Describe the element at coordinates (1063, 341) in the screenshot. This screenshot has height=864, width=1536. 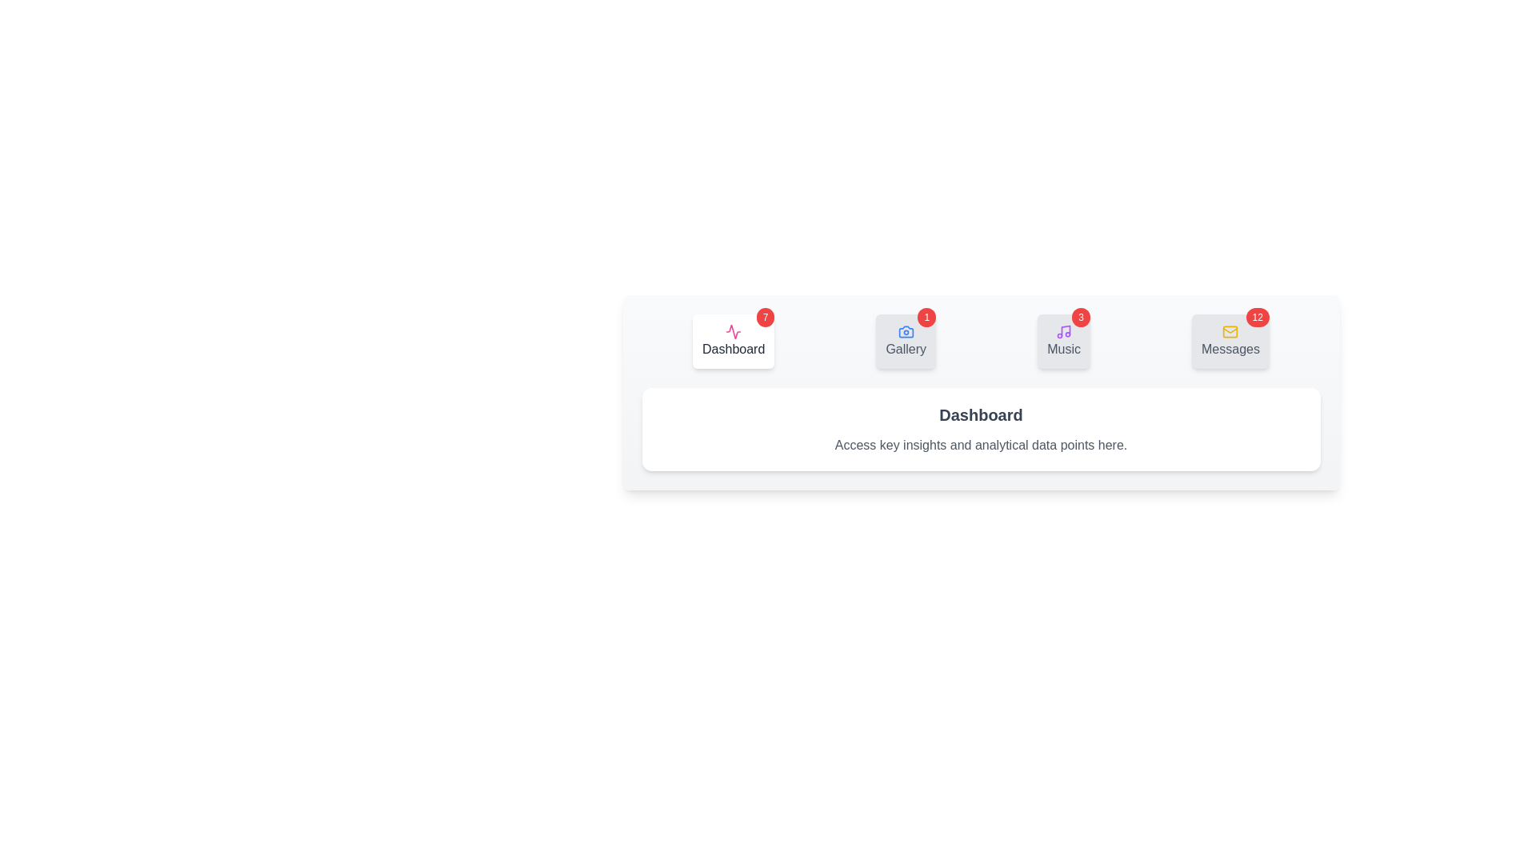
I see `the tab labeled Music to view its content` at that location.